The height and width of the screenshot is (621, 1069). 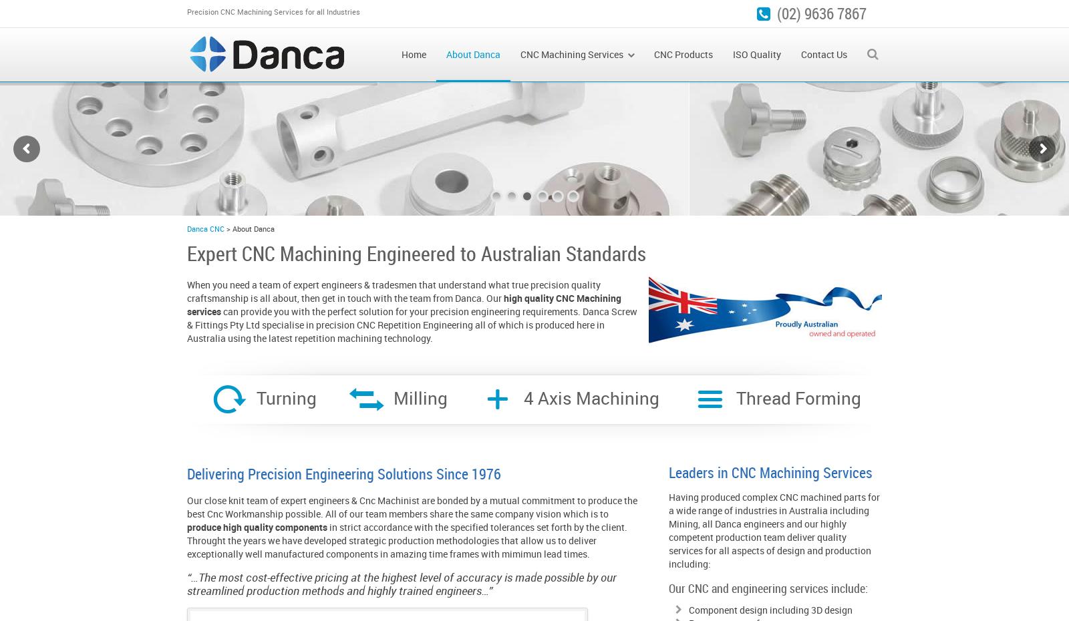 What do you see at coordinates (416, 252) in the screenshot?
I see `'Expert CNC Machining Engineered to Australian Standards'` at bounding box center [416, 252].